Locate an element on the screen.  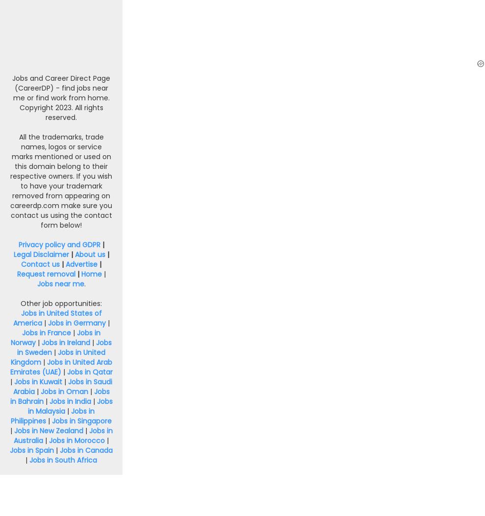
'Jobs in United States of America' is located at coordinates (56, 317).